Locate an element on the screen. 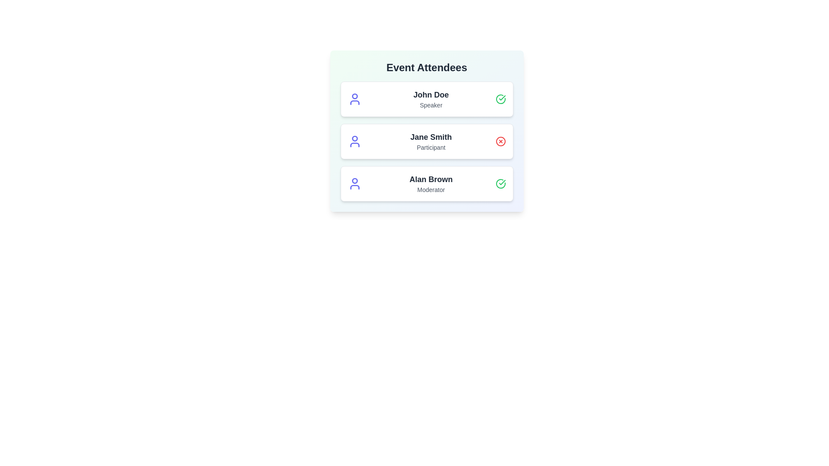 Image resolution: width=829 pixels, height=466 pixels. the status icon for Alan Brown to toggle their attendance status is located at coordinates (500, 183).